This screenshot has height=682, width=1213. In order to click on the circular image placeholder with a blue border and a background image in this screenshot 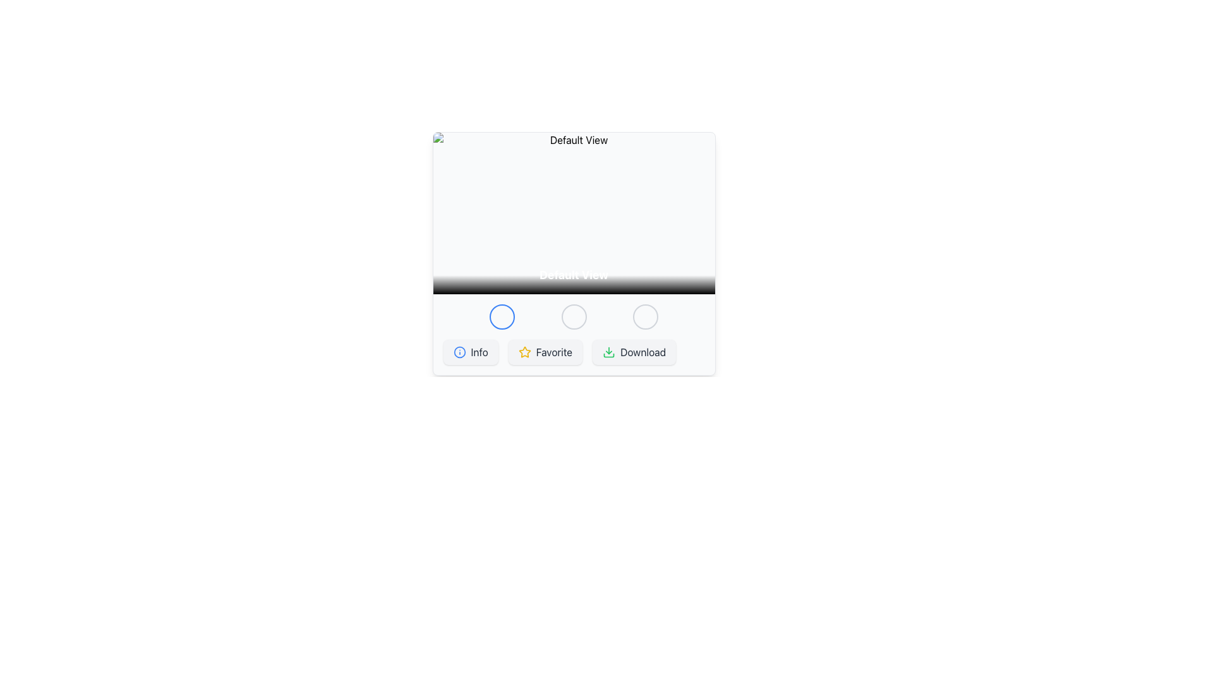, I will do `click(502, 316)`.